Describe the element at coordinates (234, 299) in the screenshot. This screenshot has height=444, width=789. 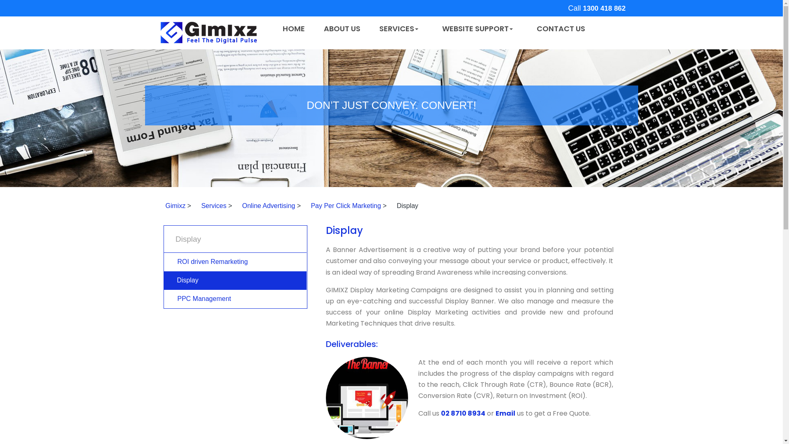
I see `'PPC Management'` at that location.